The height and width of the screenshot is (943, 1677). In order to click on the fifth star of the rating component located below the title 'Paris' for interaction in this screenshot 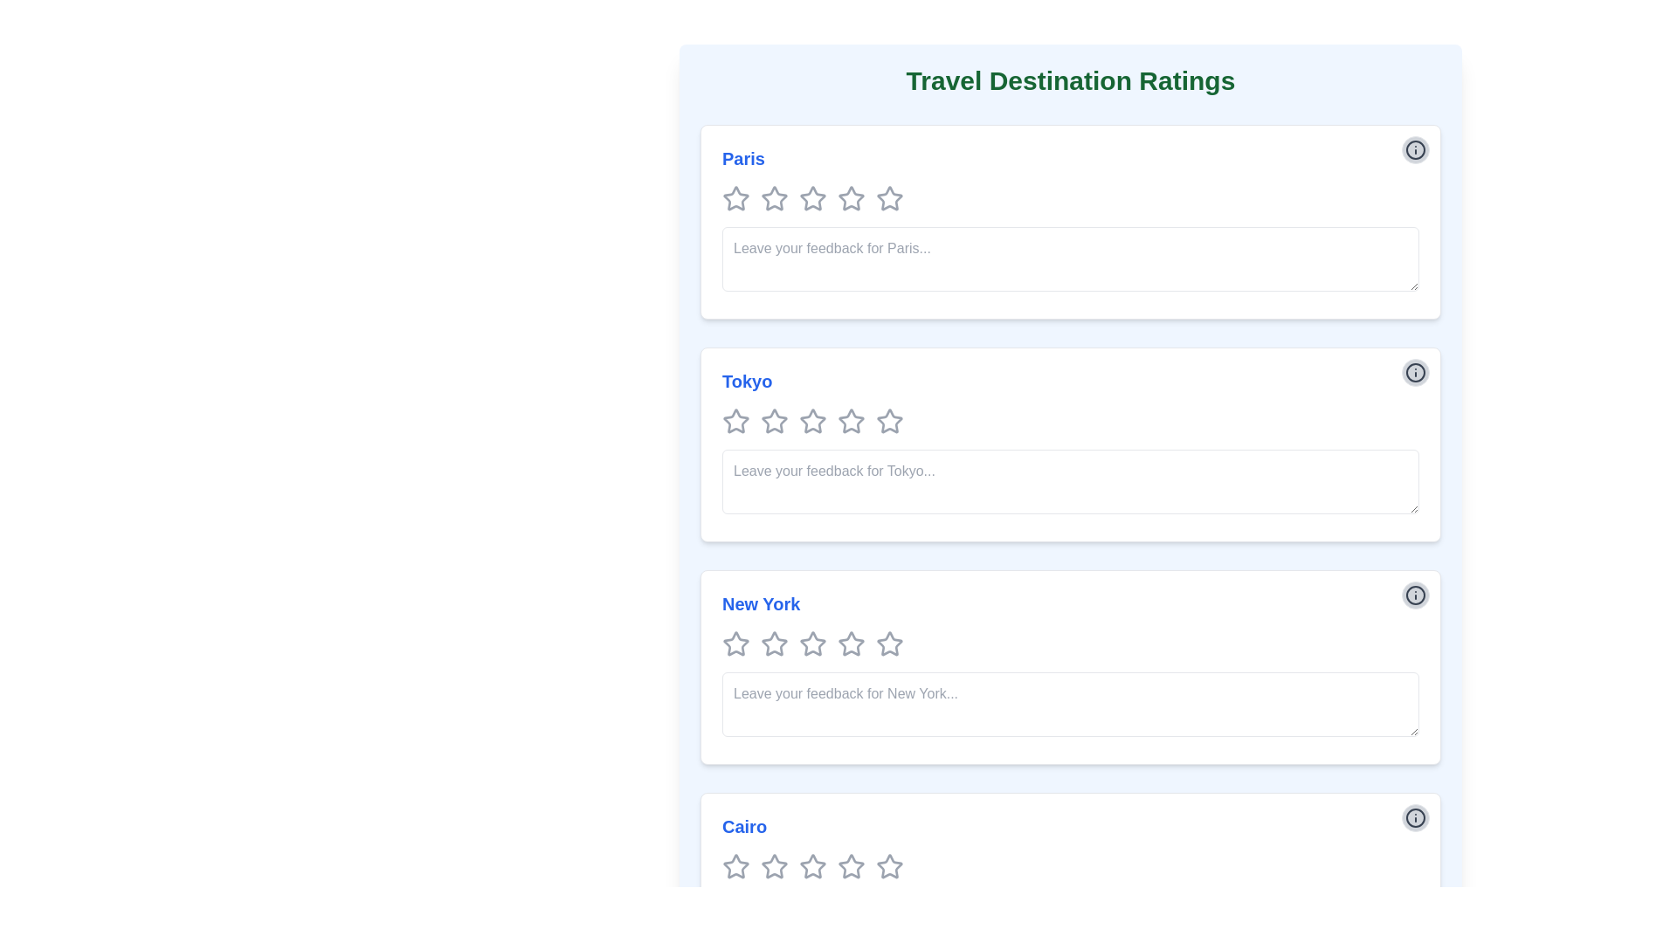, I will do `click(889, 197)`.